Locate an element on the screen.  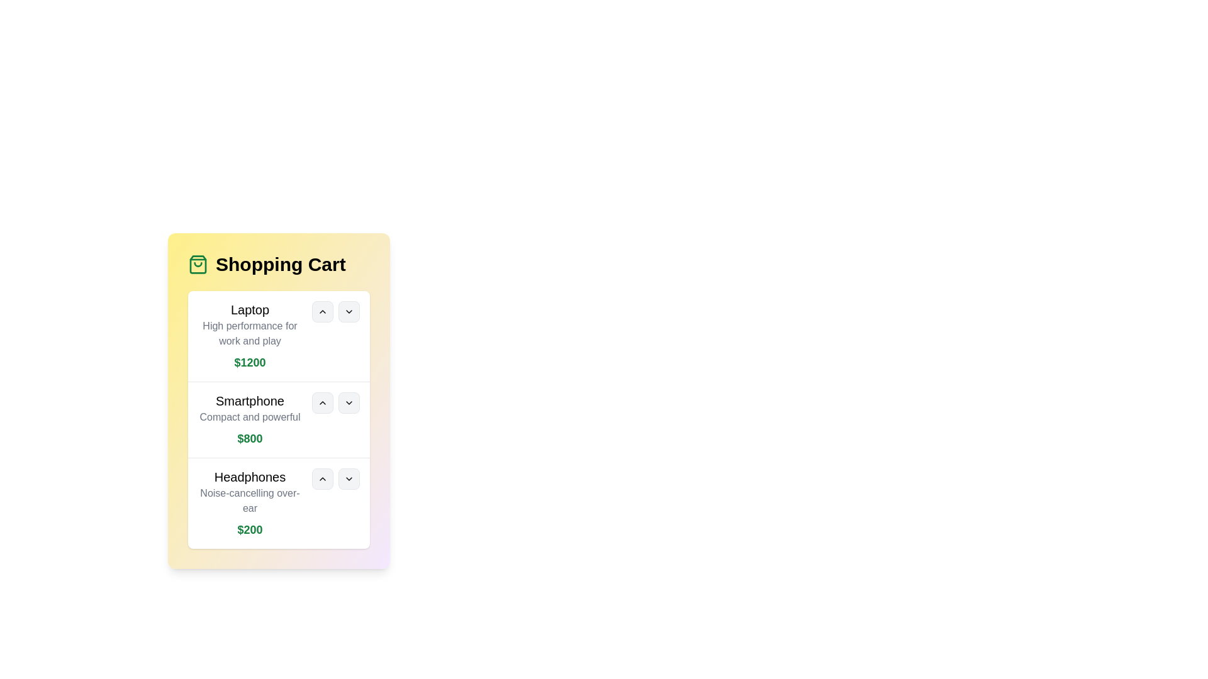
the 'Down' button associated with the Laptop product to decrease its quantity is located at coordinates (349, 311).